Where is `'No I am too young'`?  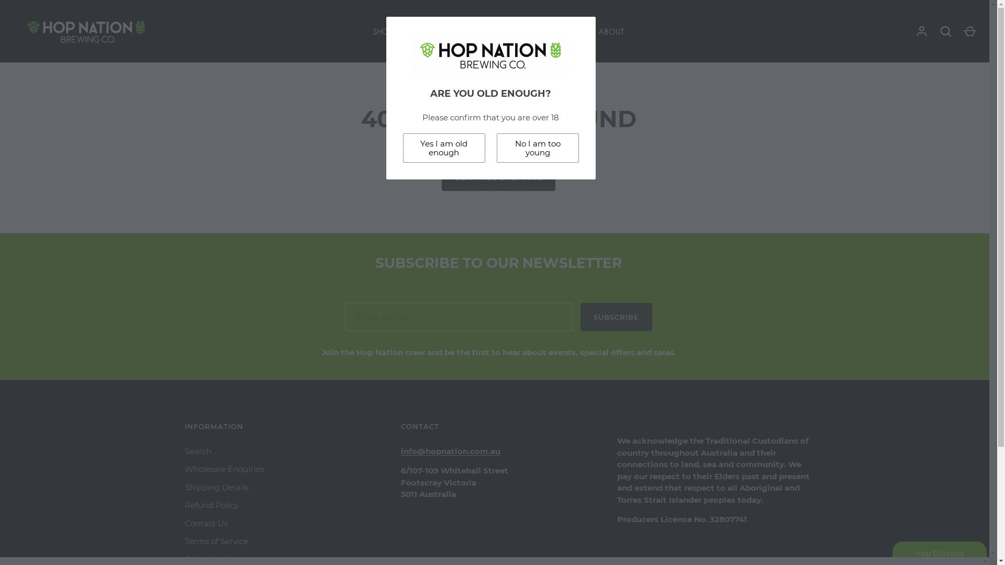 'No I am too young' is located at coordinates (537, 148).